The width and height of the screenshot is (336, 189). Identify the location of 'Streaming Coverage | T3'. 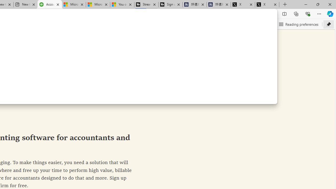
(146, 4).